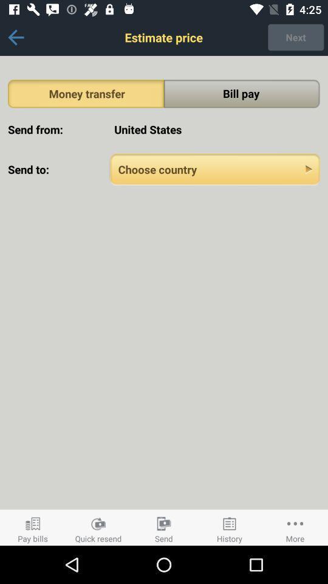  What do you see at coordinates (85, 93) in the screenshot?
I see `the money transfer icon` at bounding box center [85, 93].